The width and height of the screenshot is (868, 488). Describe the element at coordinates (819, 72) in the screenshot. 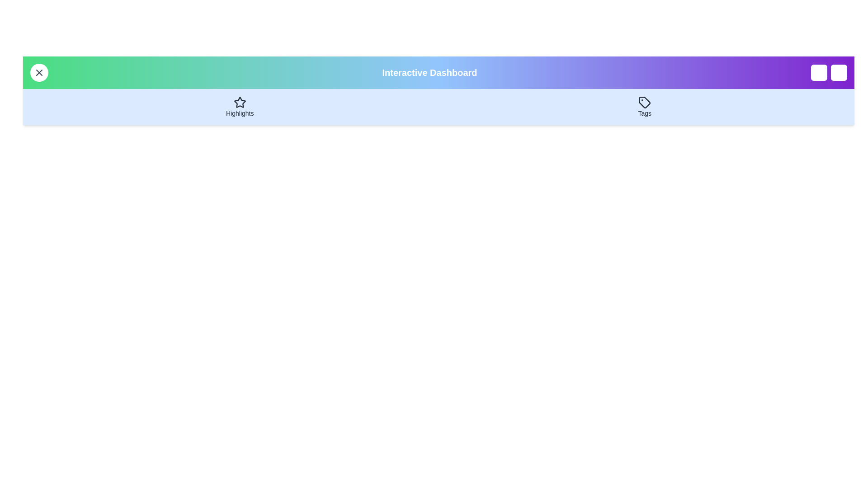

I see `the 'Bell' icon to view notifications` at that location.